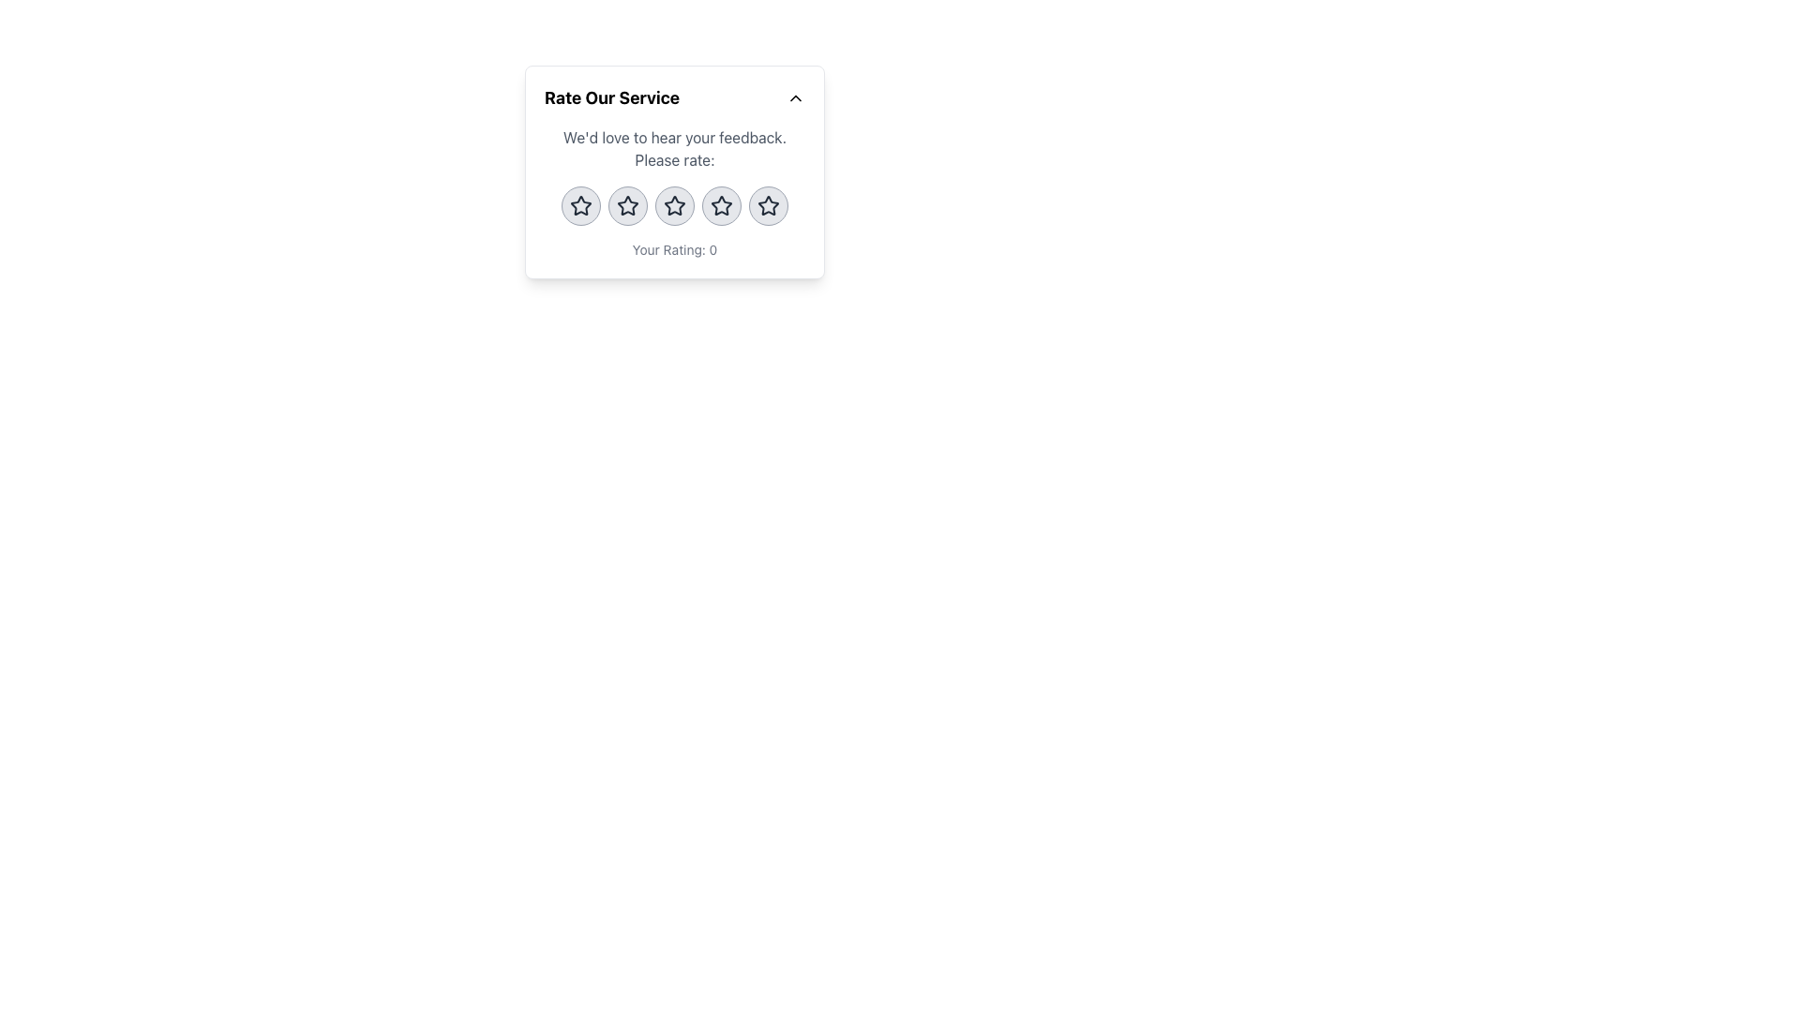 This screenshot has width=1800, height=1012. What do you see at coordinates (628, 205) in the screenshot?
I see `the second circular button in the row of five, which has a light gray background and contains a dark gray star icon` at bounding box center [628, 205].